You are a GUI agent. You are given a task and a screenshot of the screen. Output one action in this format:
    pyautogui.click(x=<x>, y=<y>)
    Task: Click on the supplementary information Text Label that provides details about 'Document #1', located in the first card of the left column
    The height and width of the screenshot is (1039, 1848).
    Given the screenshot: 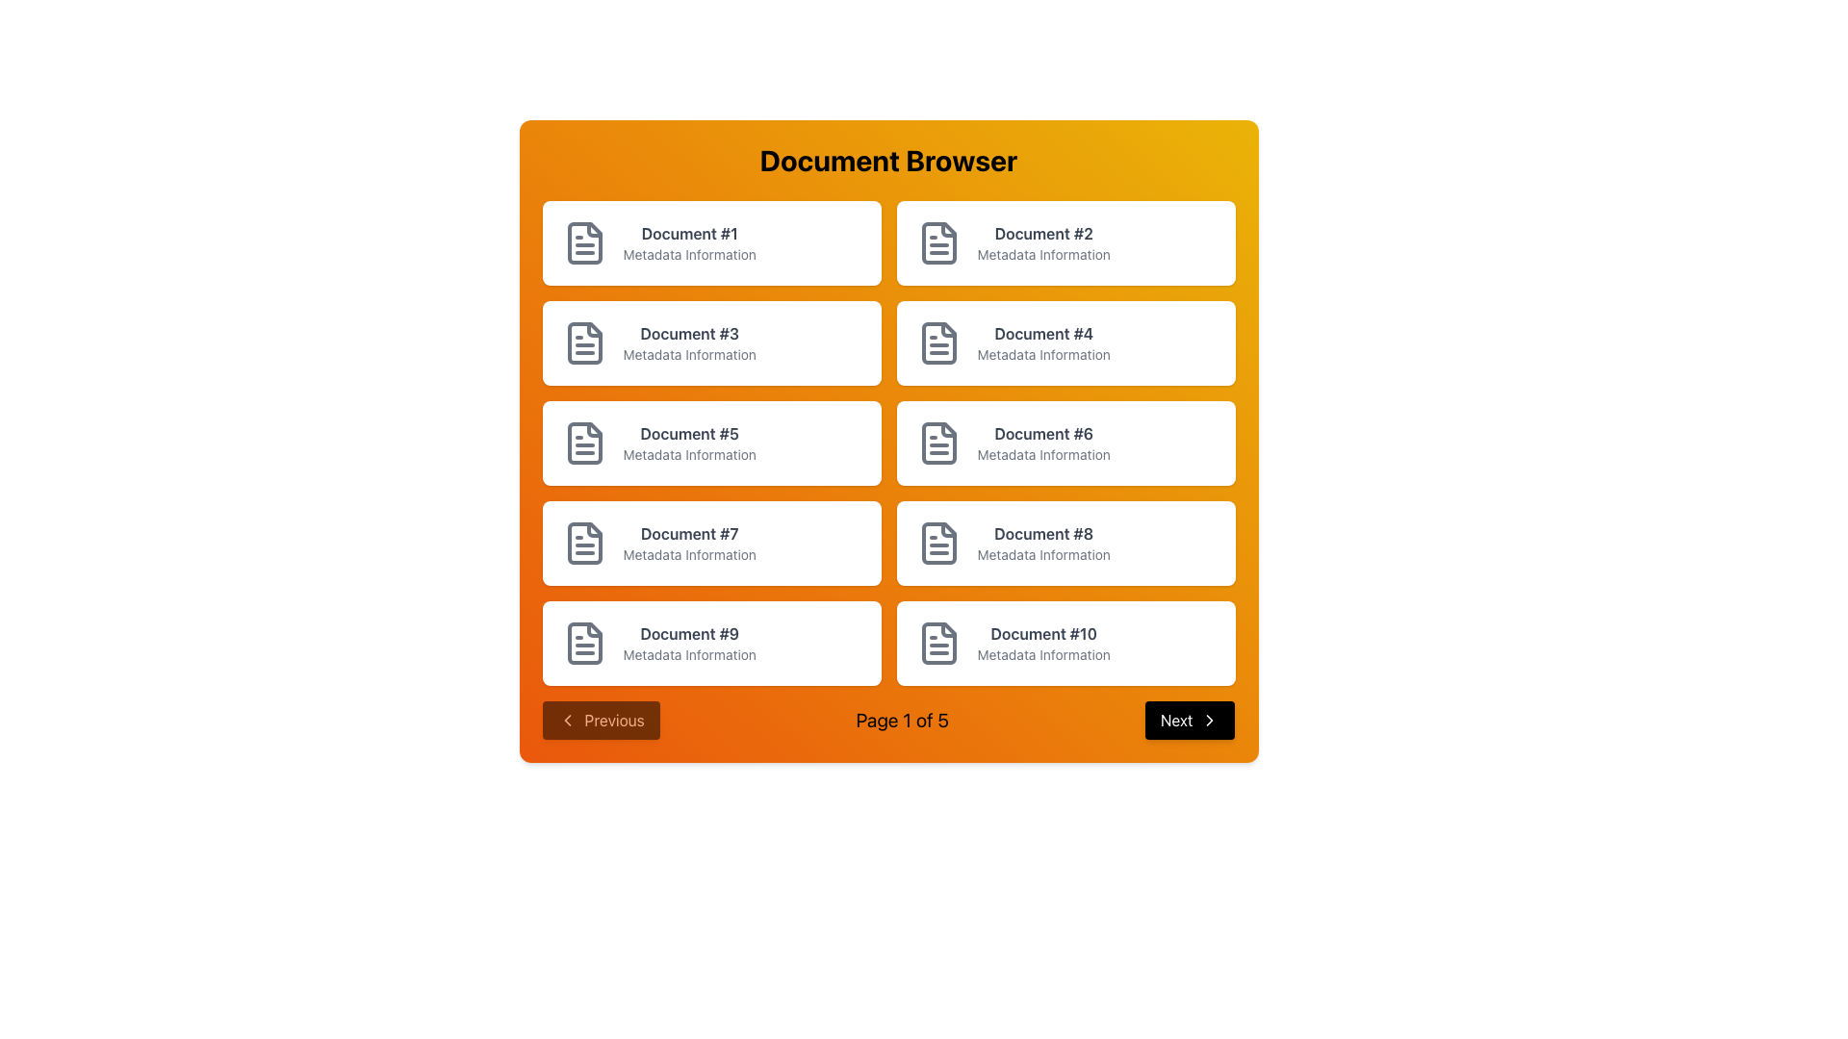 What is the action you would take?
    pyautogui.click(x=689, y=254)
    